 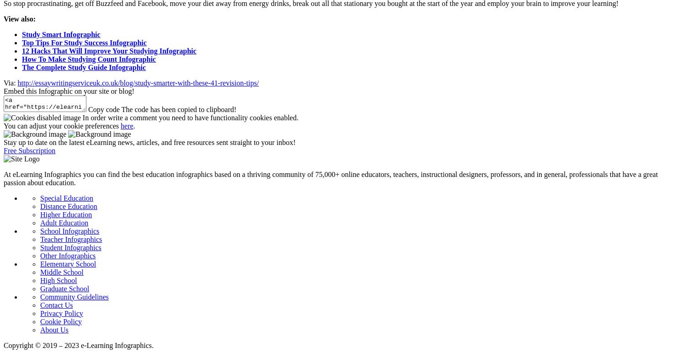 What do you see at coordinates (84, 42) in the screenshot?
I see `'Top Tips For Study Success Infographic'` at bounding box center [84, 42].